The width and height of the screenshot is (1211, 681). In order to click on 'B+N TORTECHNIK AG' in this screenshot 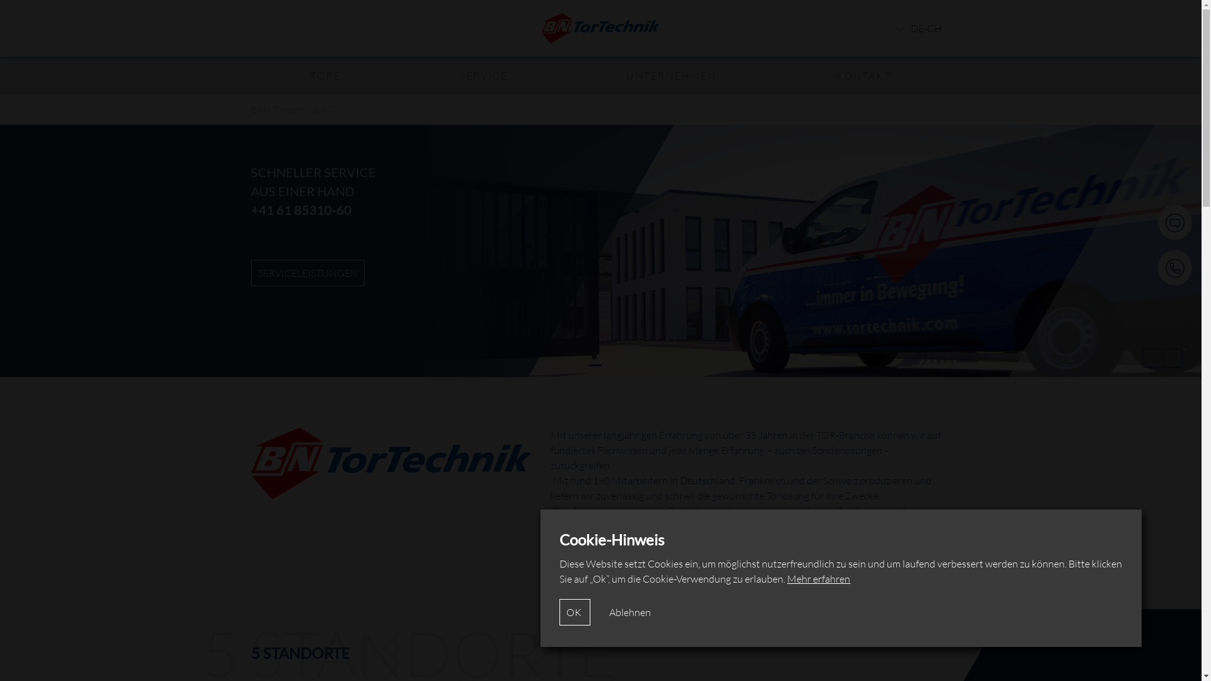, I will do `click(308, 272)`.